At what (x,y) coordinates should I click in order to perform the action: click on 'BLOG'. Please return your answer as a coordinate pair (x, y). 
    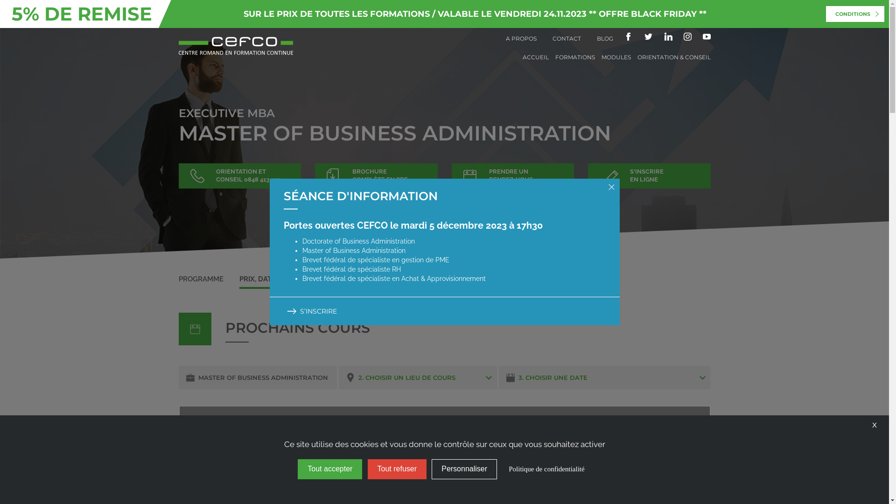
    Looking at the image, I should click on (605, 38).